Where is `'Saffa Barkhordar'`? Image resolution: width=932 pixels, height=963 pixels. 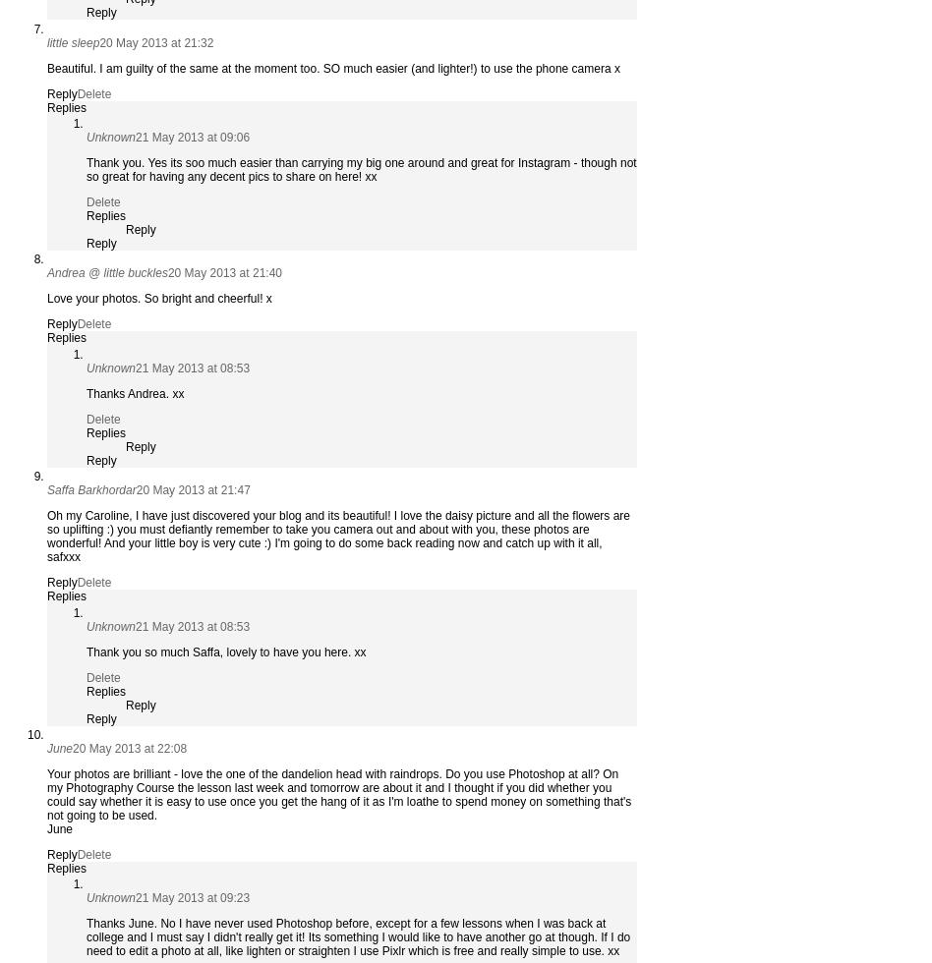 'Saffa Barkhordar' is located at coordinates (90, 490).